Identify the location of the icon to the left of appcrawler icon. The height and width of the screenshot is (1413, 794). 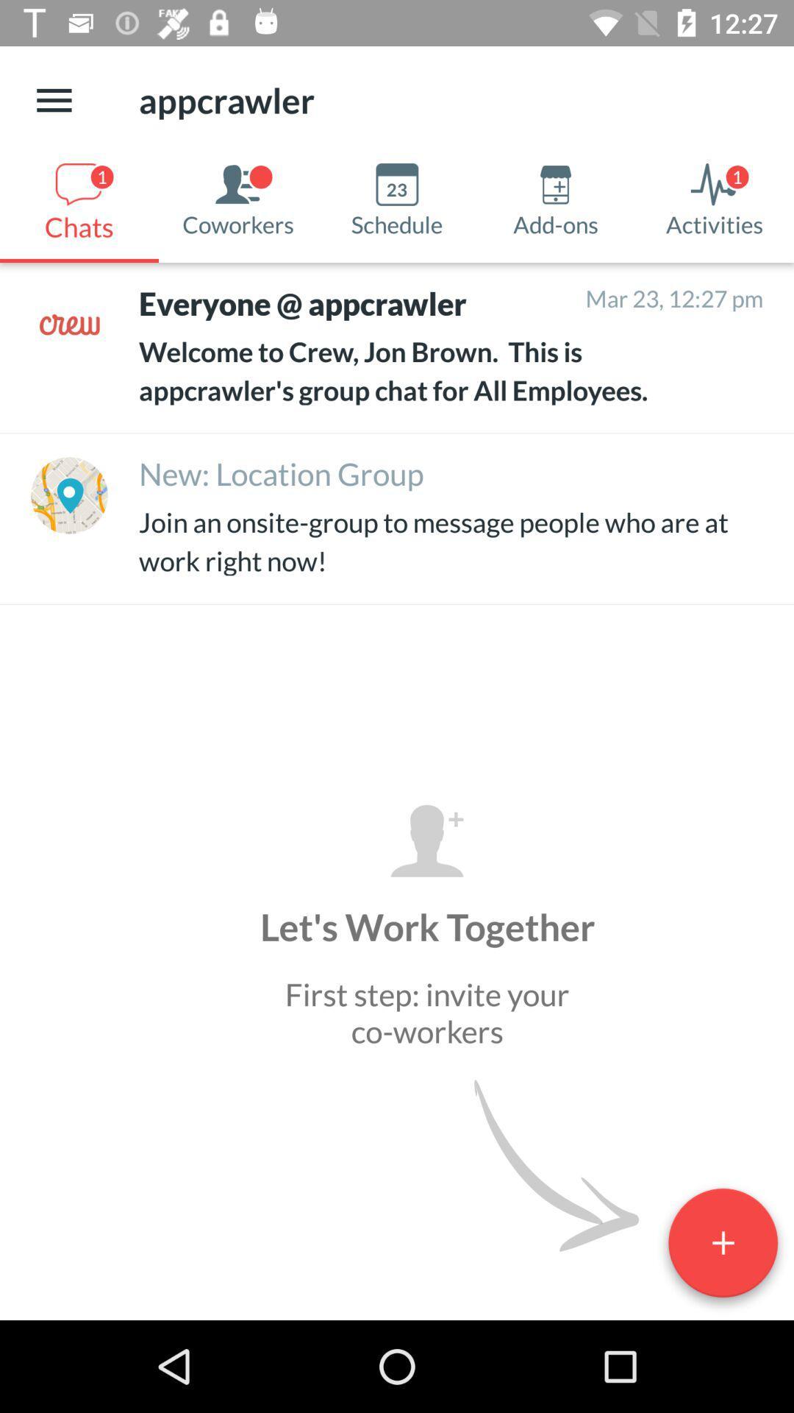
(53, 99).